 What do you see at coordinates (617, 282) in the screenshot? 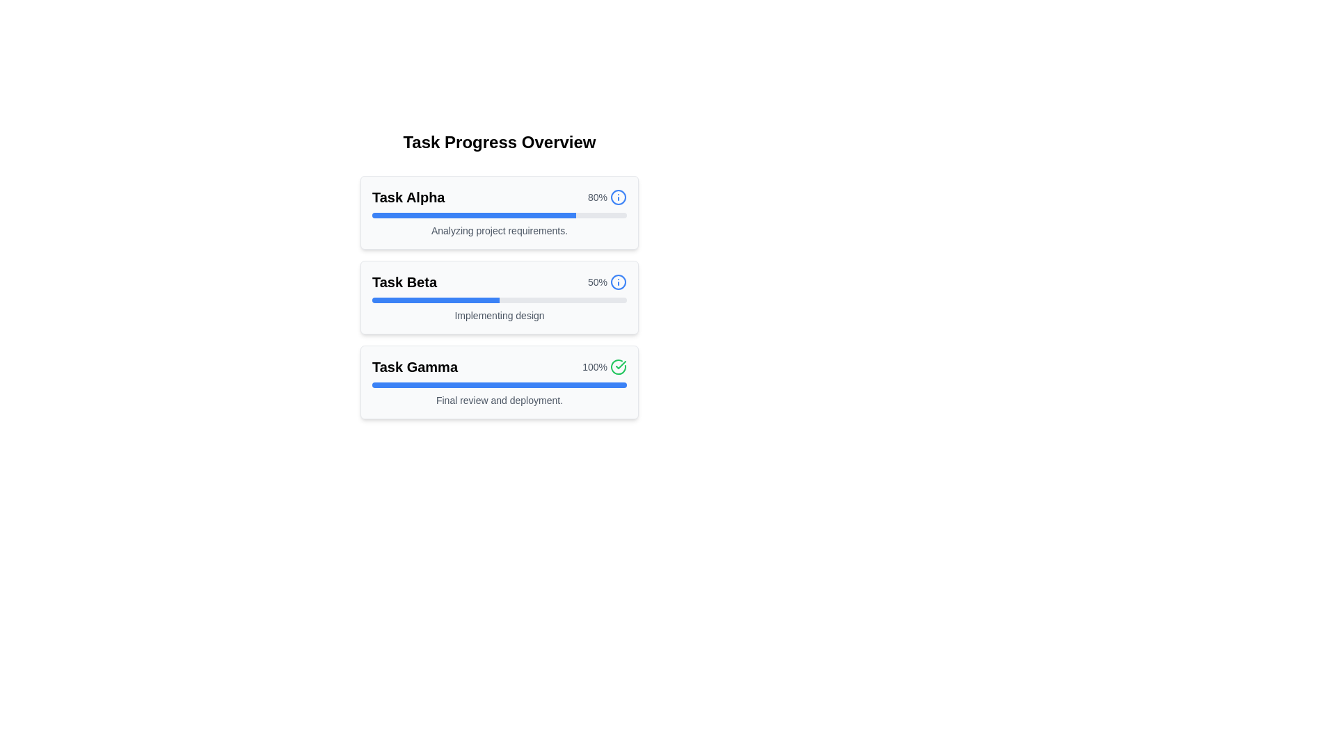
I see `the status indicator icon located at the top-right corner of the 'Task Beta' panel` at bounding box center [617, 282].